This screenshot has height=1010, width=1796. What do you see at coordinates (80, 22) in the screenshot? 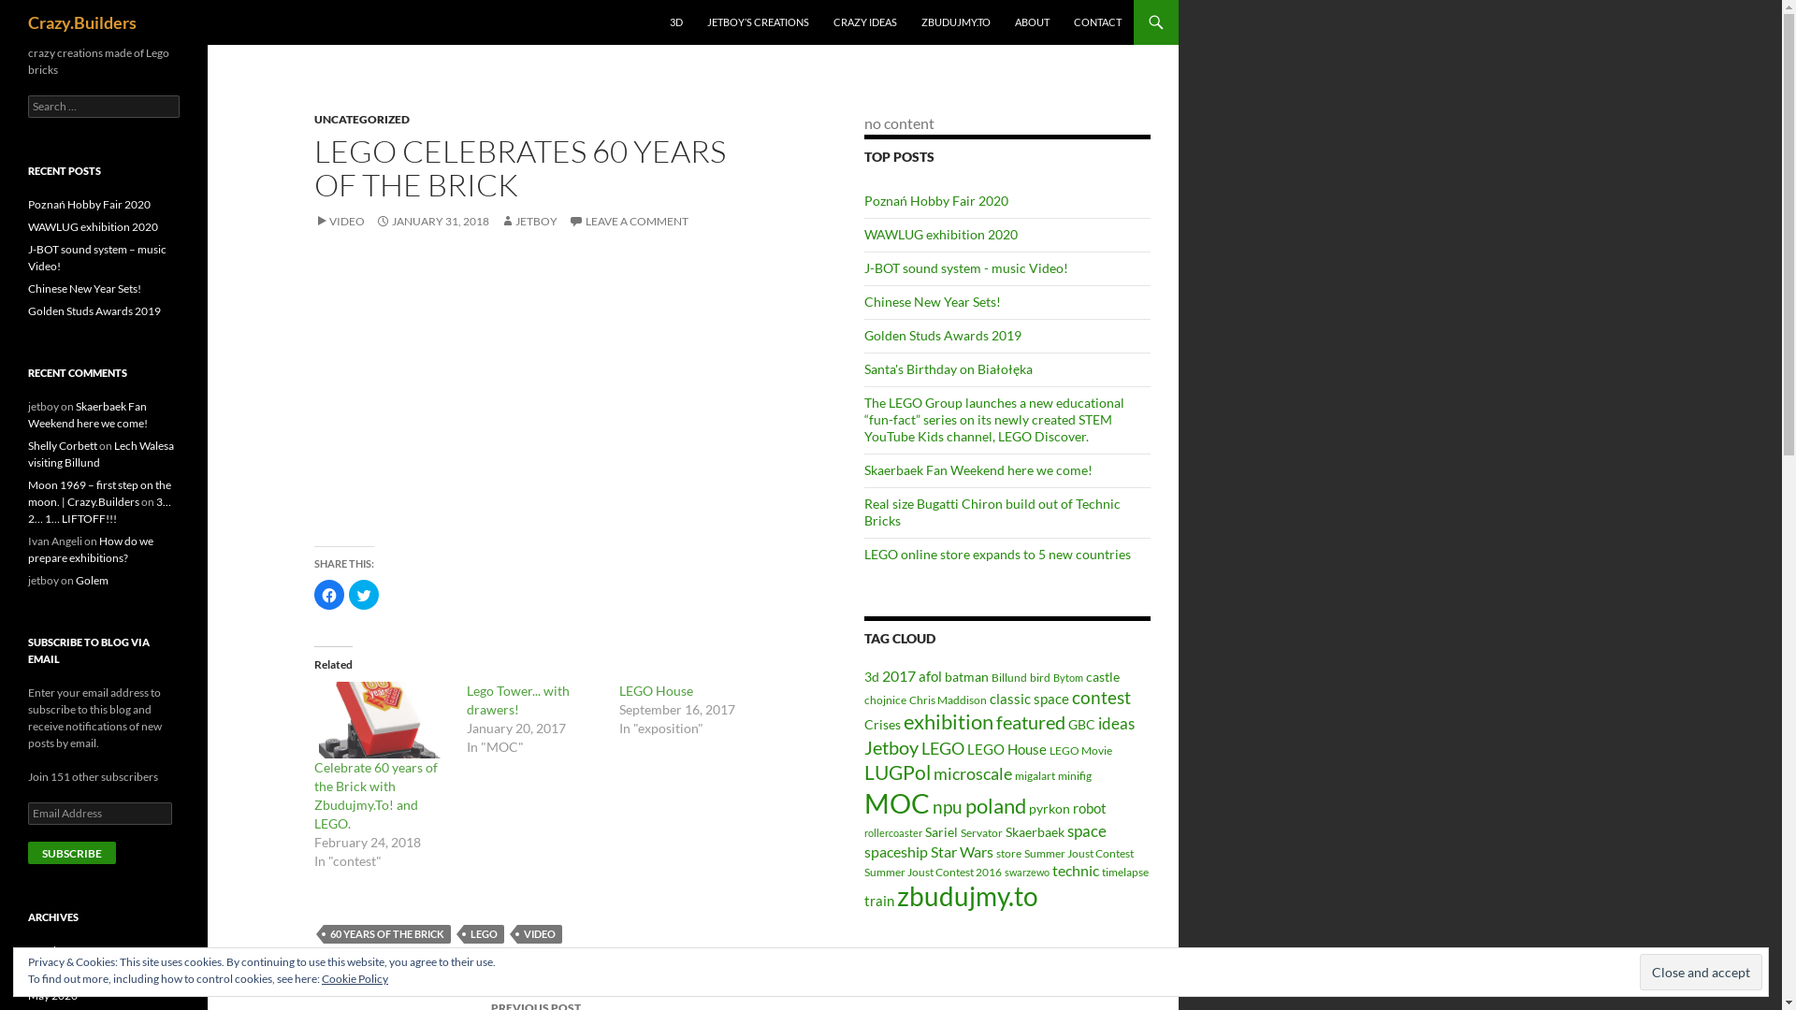
I see `'Crazy.Builders'` at bounding box center [80, 22].